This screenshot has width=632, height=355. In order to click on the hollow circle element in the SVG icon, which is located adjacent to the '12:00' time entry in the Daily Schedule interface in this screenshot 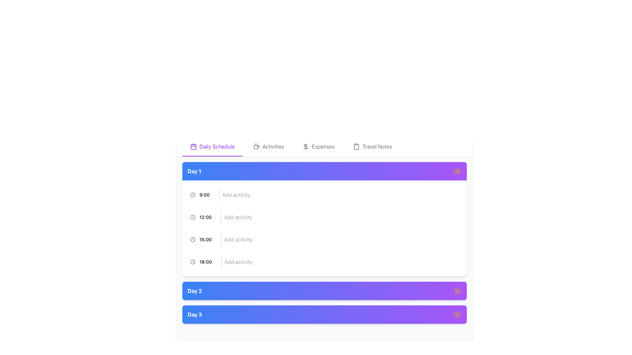, I will do `click(192, 217)`.